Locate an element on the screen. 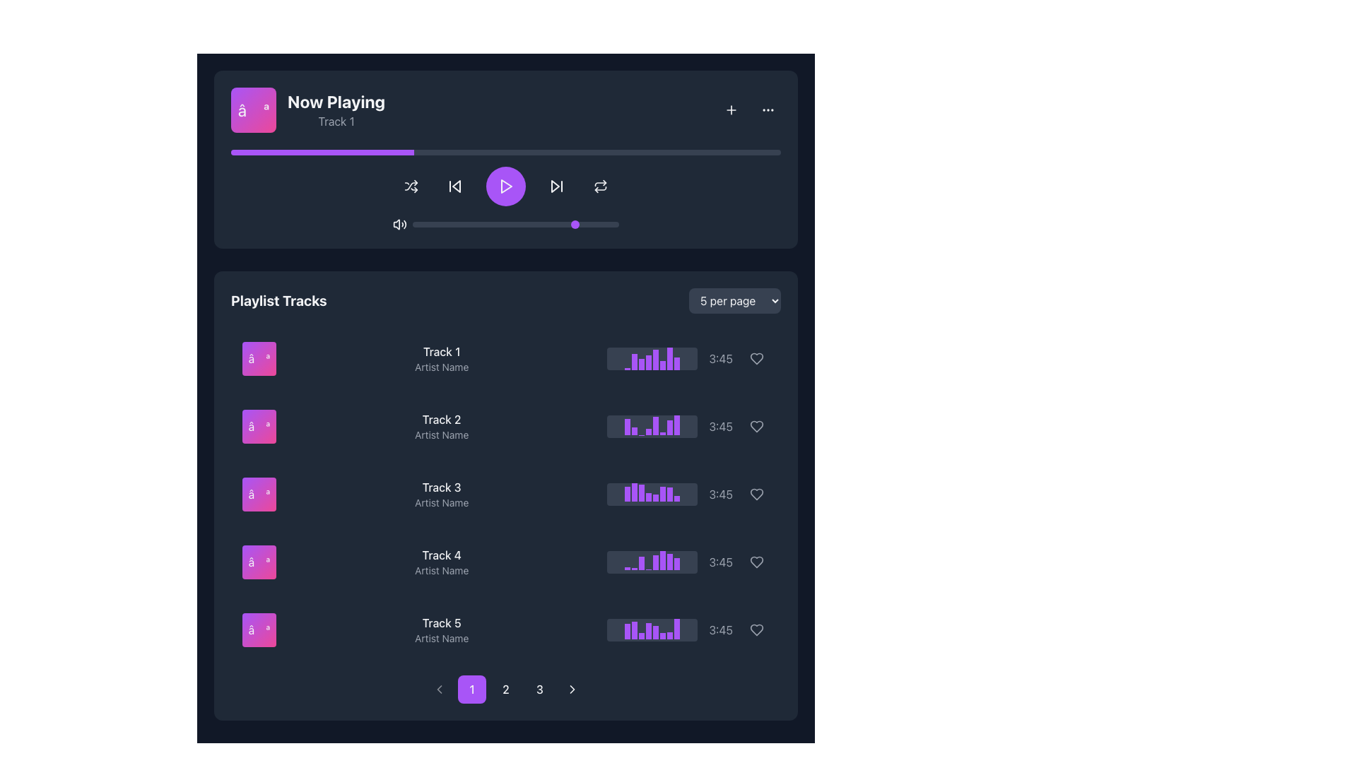 This screenshot has height=763, width=1357. the circular button labeled with the number 2 is located at coordinates (505, 688).